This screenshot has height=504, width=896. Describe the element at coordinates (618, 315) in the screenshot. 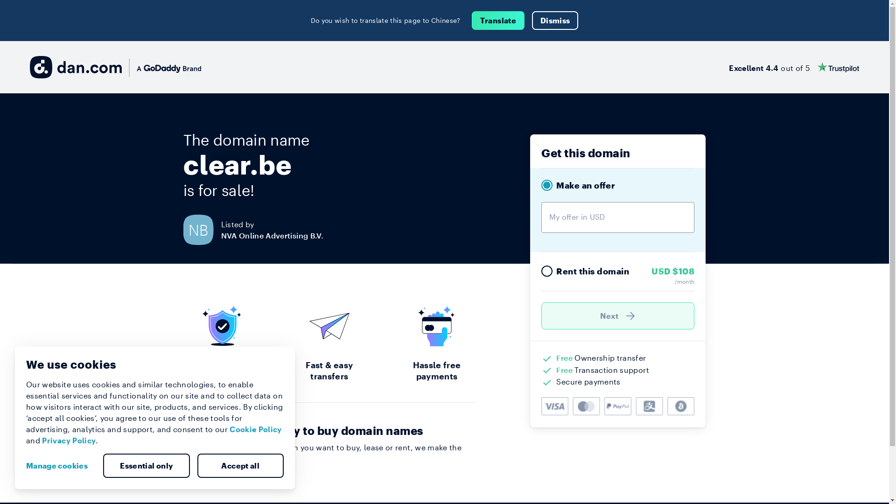

I see `'Next` at that location.